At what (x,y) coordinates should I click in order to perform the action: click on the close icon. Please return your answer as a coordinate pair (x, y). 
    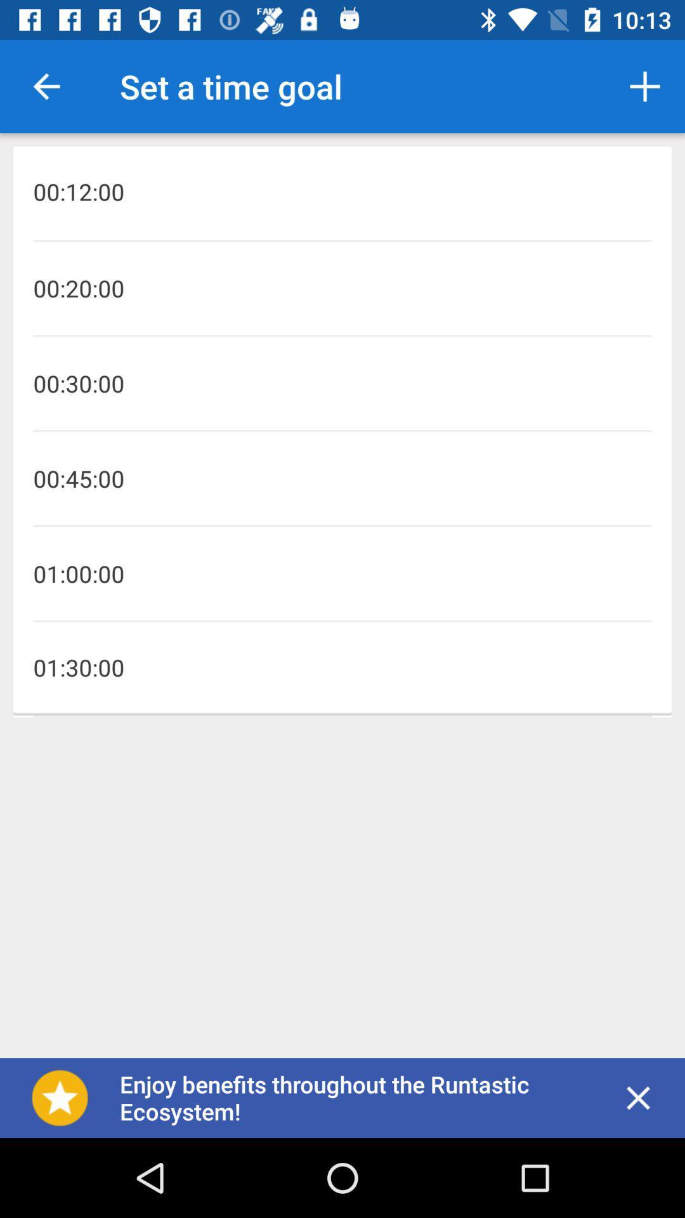
    Looking at the image, I should click on (638, 1097).